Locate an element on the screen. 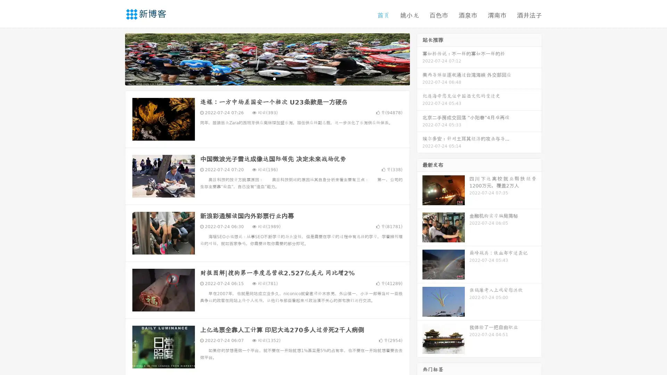  Previous slide is located at coordinates (115, 58).